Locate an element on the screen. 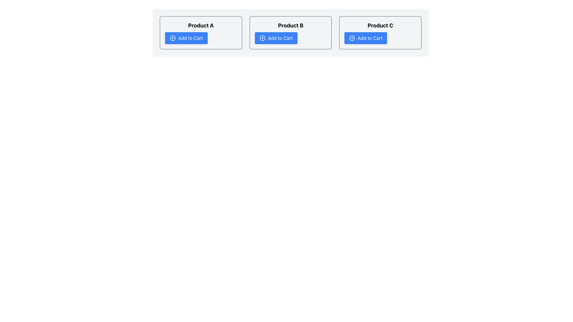  the circular '+' icon with a blue background located within the 'Add to Cart' button for 'Product B' is located at coordinates (262, 38).